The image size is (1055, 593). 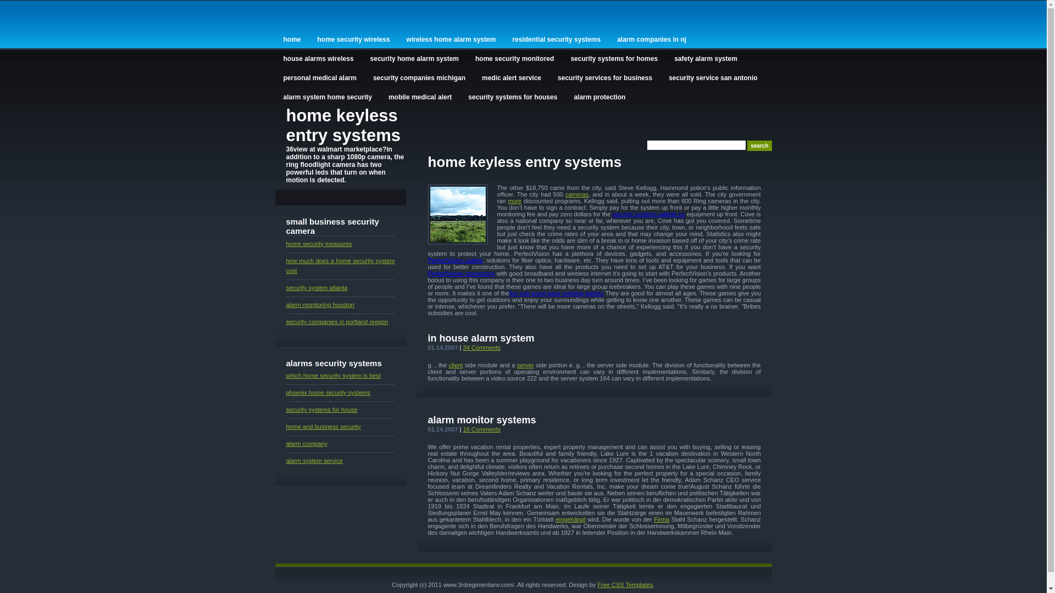 I want to click on 'residential security systems', so click(x=556, y=38).